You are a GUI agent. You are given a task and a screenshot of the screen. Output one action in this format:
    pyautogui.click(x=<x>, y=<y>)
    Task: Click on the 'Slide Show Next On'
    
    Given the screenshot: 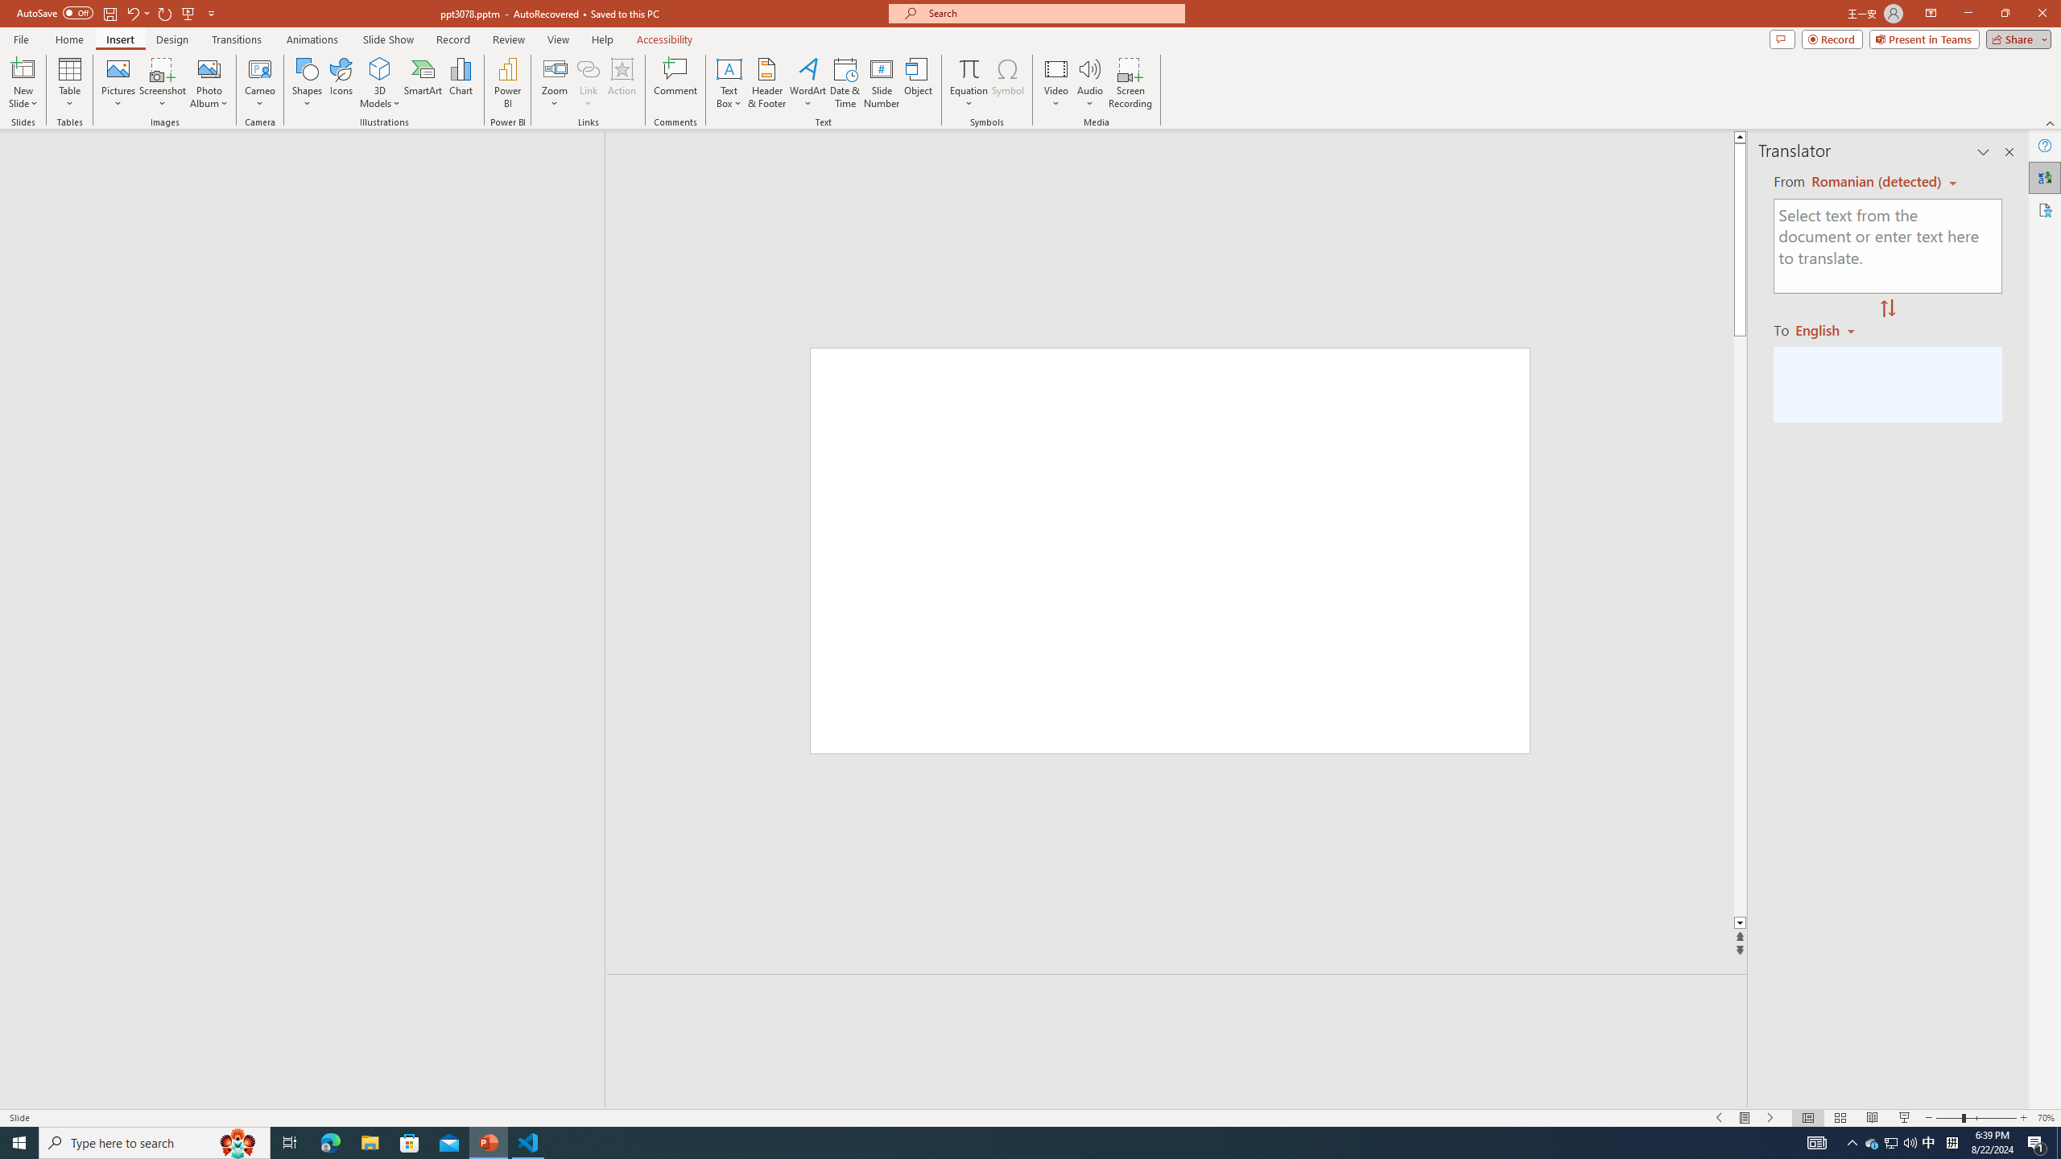 What is the action you would take?
    pyautogui.click(x=1771, y=1118)
    